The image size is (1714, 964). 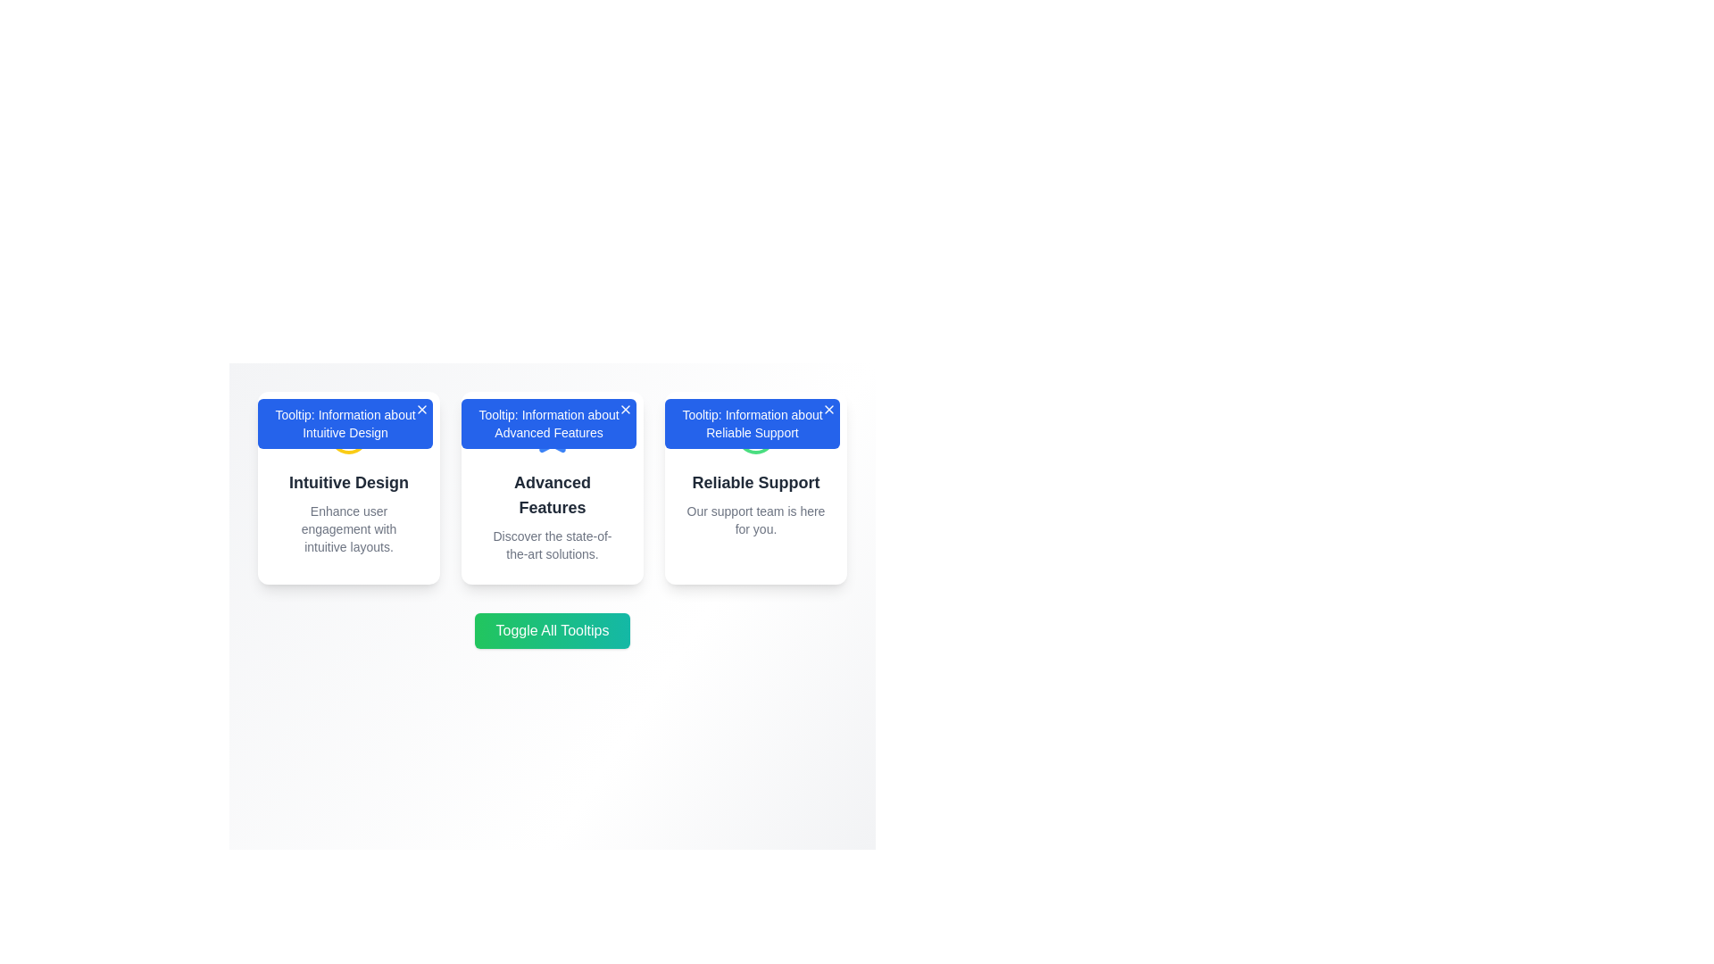 I want to click on the star-shaped icon element with a blue stroke outline, located above the 'Advanced Features' text in the tooltip, so click(x=552, y=434).